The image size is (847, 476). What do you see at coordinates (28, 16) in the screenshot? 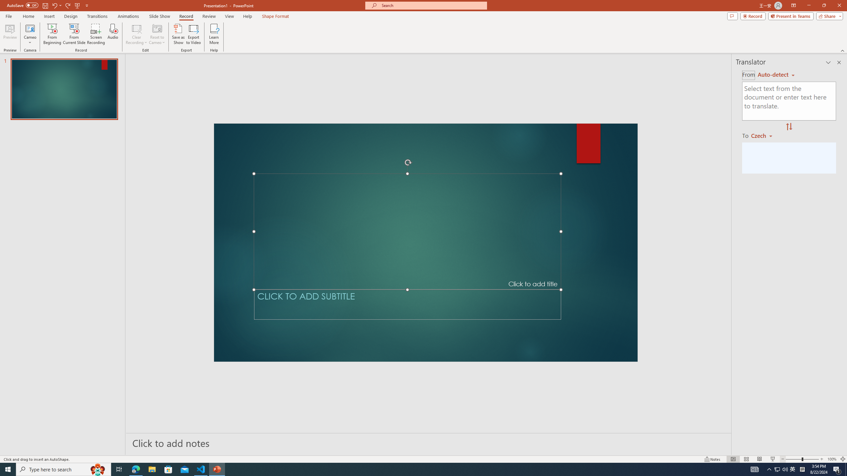
I see `'Home'` at bounding box center [28, 16].